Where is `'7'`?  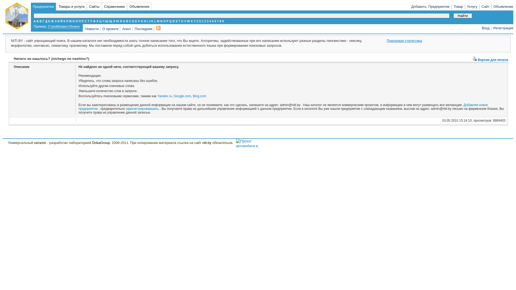 '7' is located at coordinates (218, 21).